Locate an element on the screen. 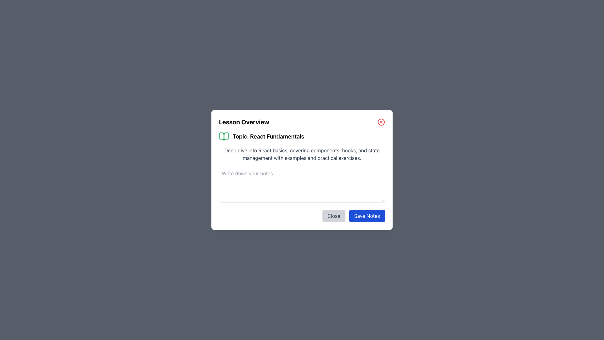  the 'Save' button located in the lower-right corner of the dialog box is located at coordinates (367, 216).